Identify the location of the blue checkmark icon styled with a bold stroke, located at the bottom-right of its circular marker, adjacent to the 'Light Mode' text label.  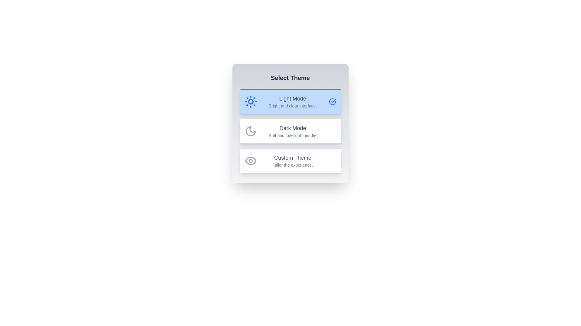
(333, 101).